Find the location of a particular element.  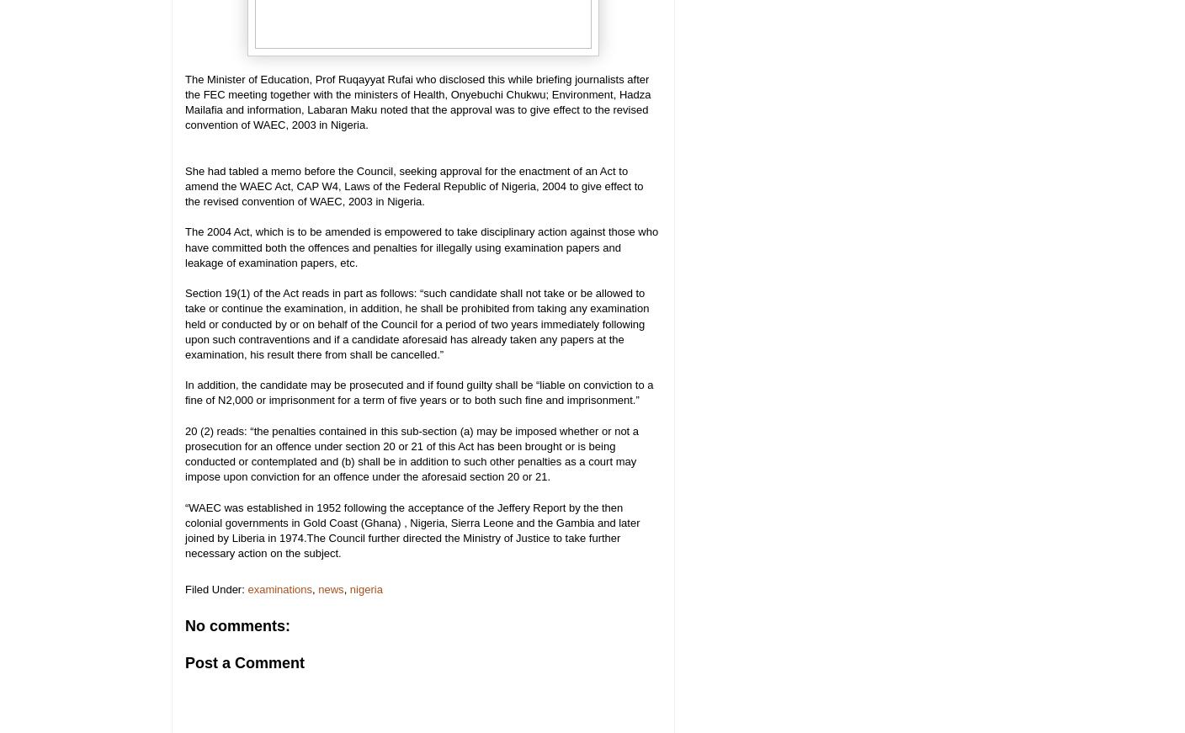

'In addition, the candidate may be prosecuted and if found guilty shall be “liable on conviction to a fine of N2,000 or imprisonment for a term of five years or to both such fine and imprisonment.”' is located at coordinates (419, 392).